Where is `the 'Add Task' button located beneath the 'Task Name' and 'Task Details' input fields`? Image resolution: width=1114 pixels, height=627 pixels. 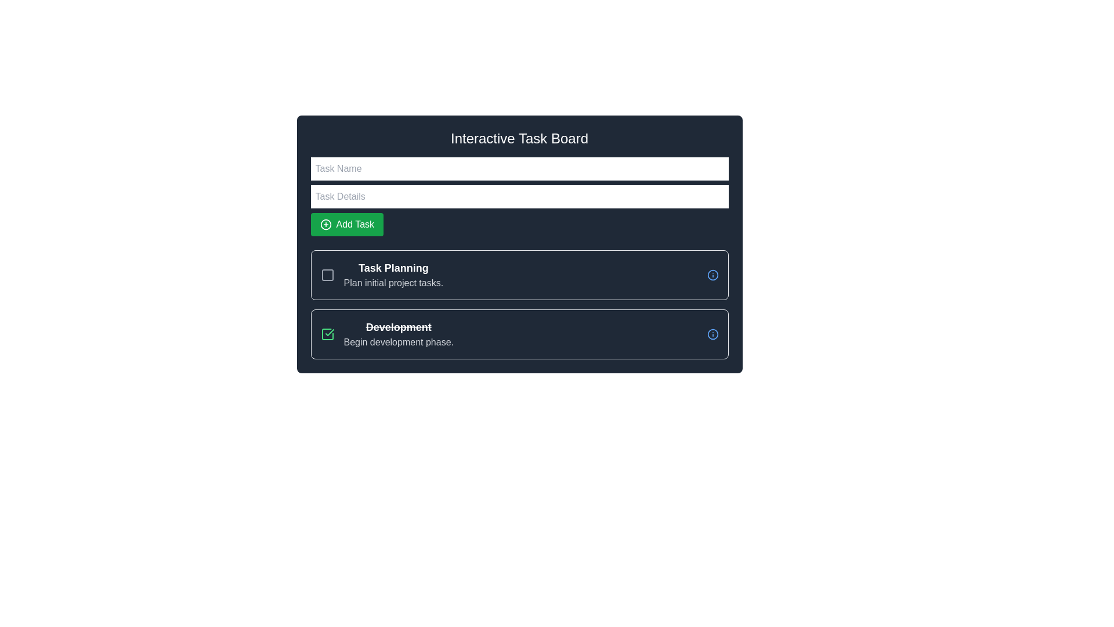 the 'Add Task' button located beneath the 'Task Name' and 'Task Details' input fields is located at coordinates (346, 224).